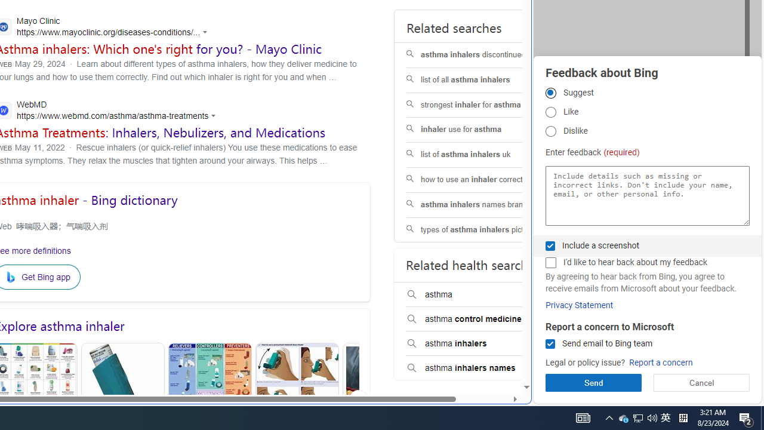 Image resolution: width=764 pixels, height=430 pixels. I want to click on 'Privacy Statement', so click(579, 305).